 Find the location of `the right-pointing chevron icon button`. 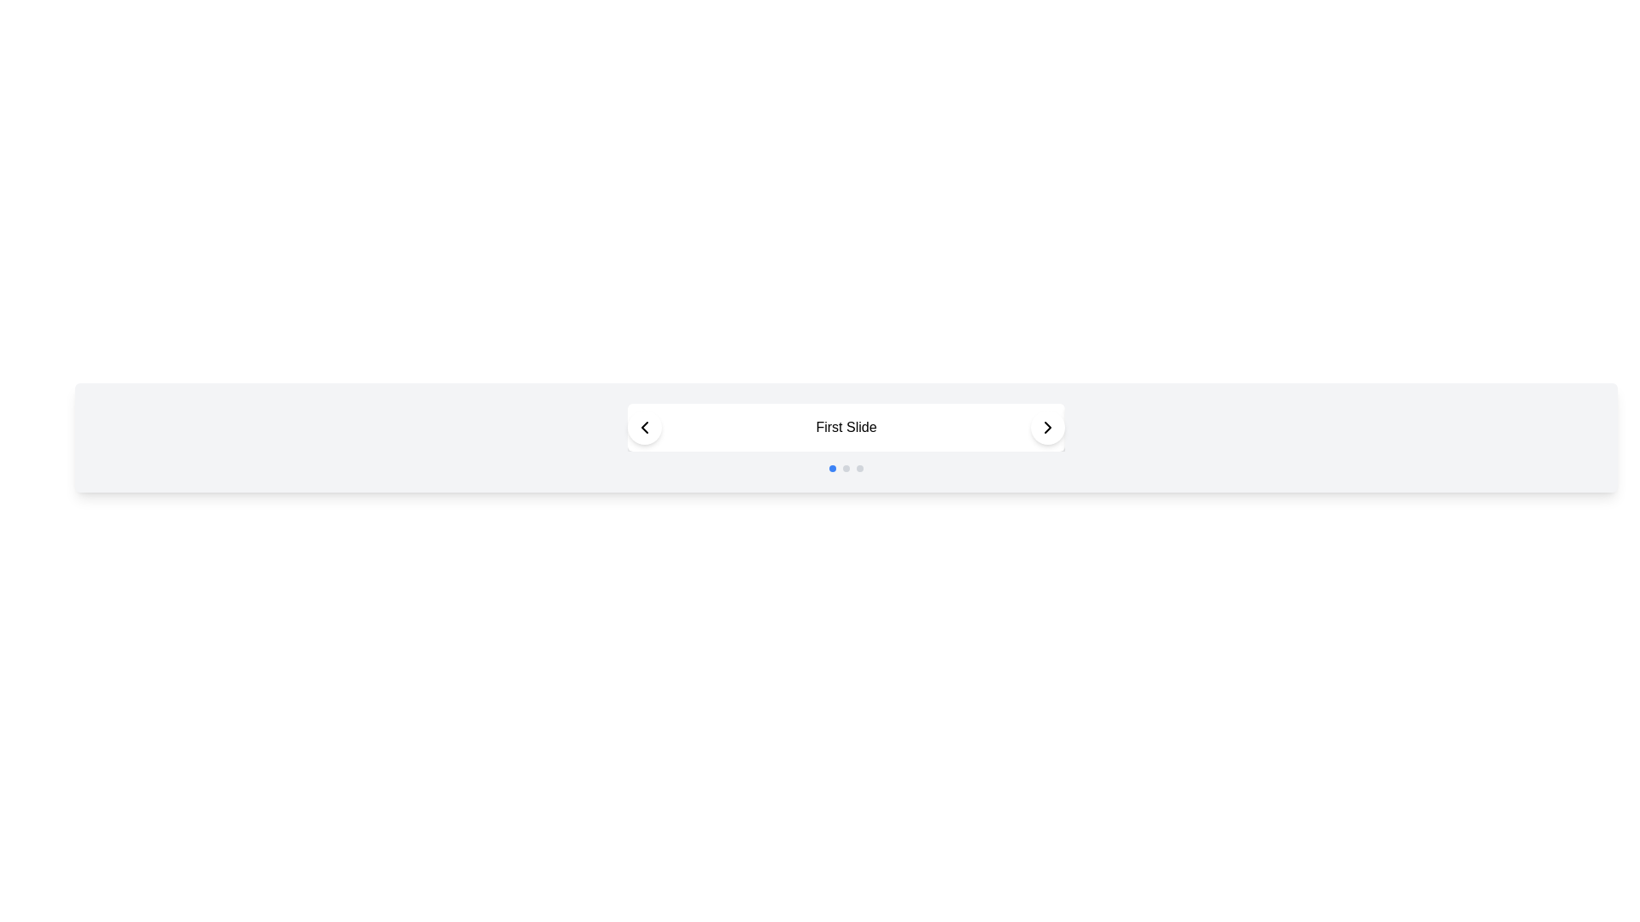

the right-pointing chevron icon button is located at coordinates (1047, 427).